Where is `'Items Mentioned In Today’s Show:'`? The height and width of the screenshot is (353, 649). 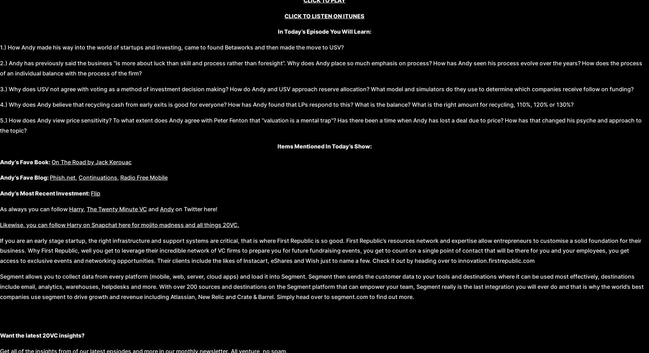
'Items Mentioned In Today’s Show:' is located at coordinates (324, 145).